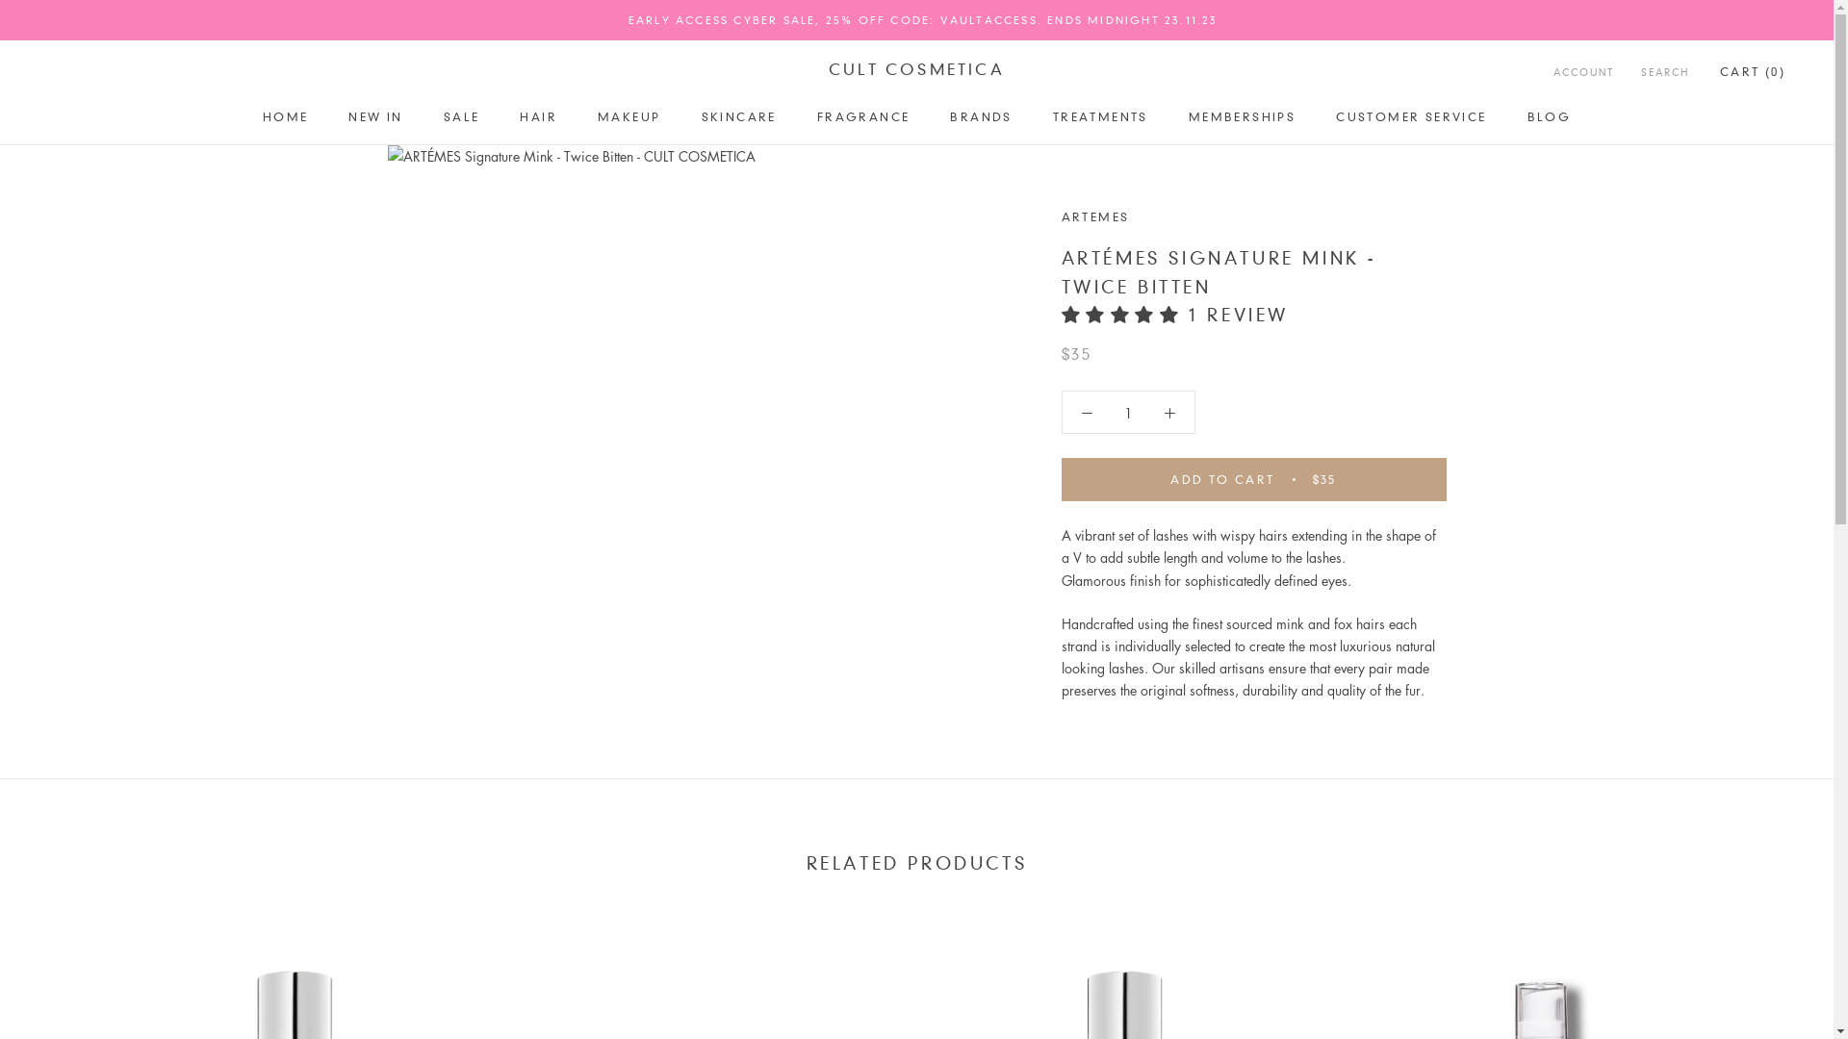 This screenshot has width=1848, height=1039. Describe the element at coordinates (374, 116) in the screenshot. I see `'NEW IN` at that location.